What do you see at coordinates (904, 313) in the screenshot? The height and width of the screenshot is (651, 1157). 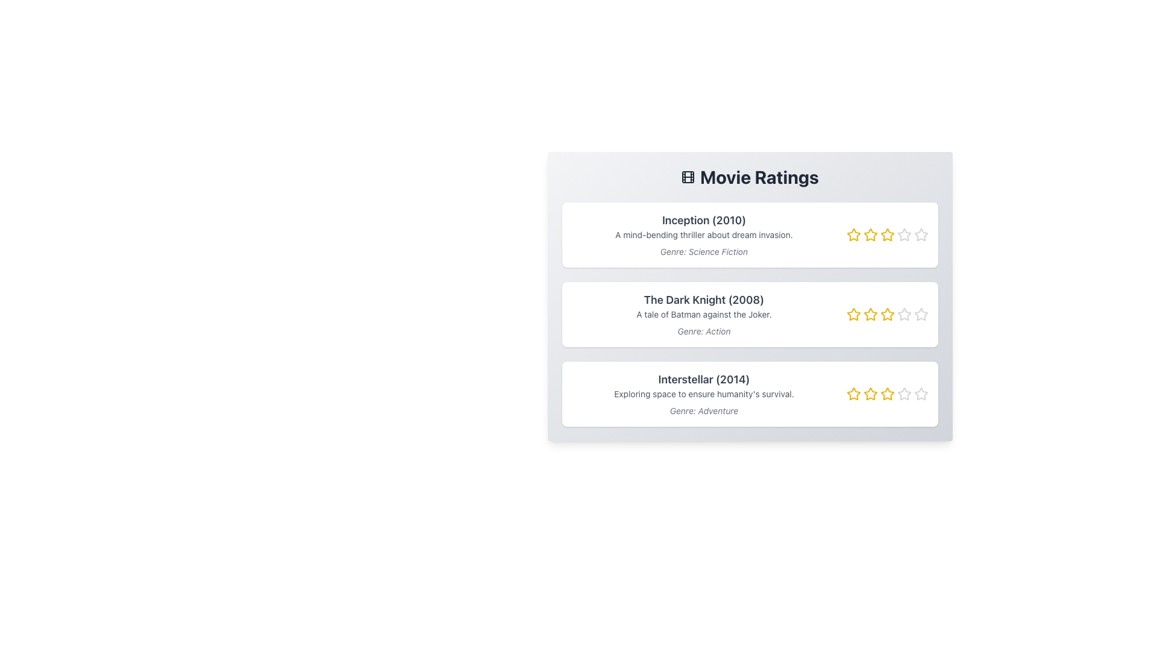 I see `the fifth Interactive Rating Star in the movie rating list for 'The Dark Knight (2008)'` at bounding box center [904, 313].